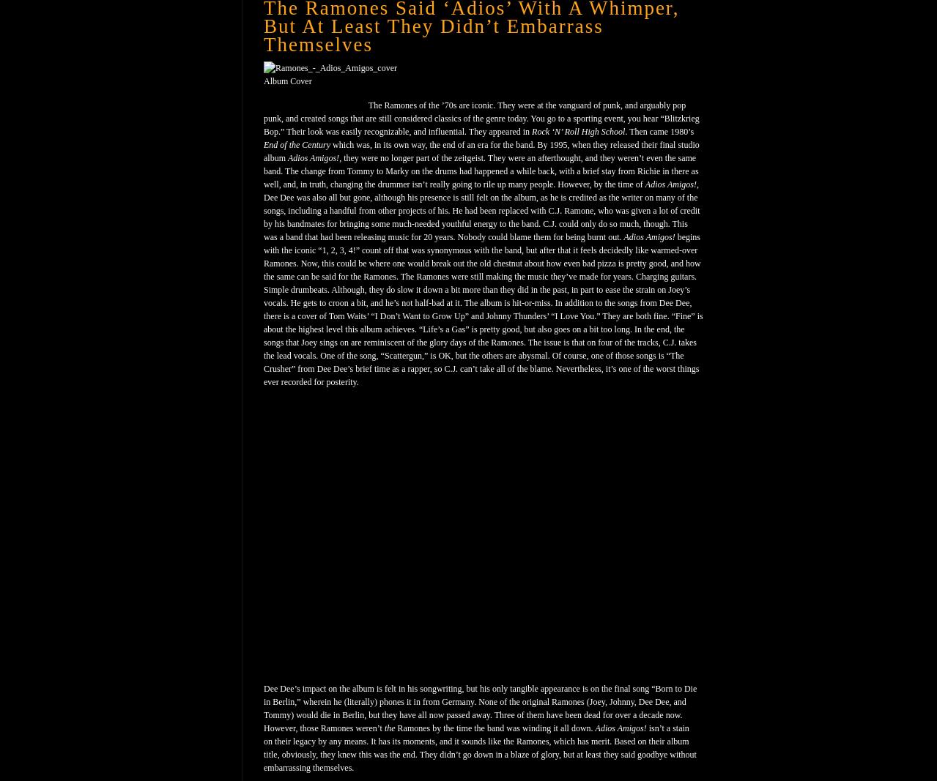 The image size is (937, 781). What do you see at coordinates (296, 145) in the screenshot?
I see `'End of the Century'` at bounding box center [296, 145].